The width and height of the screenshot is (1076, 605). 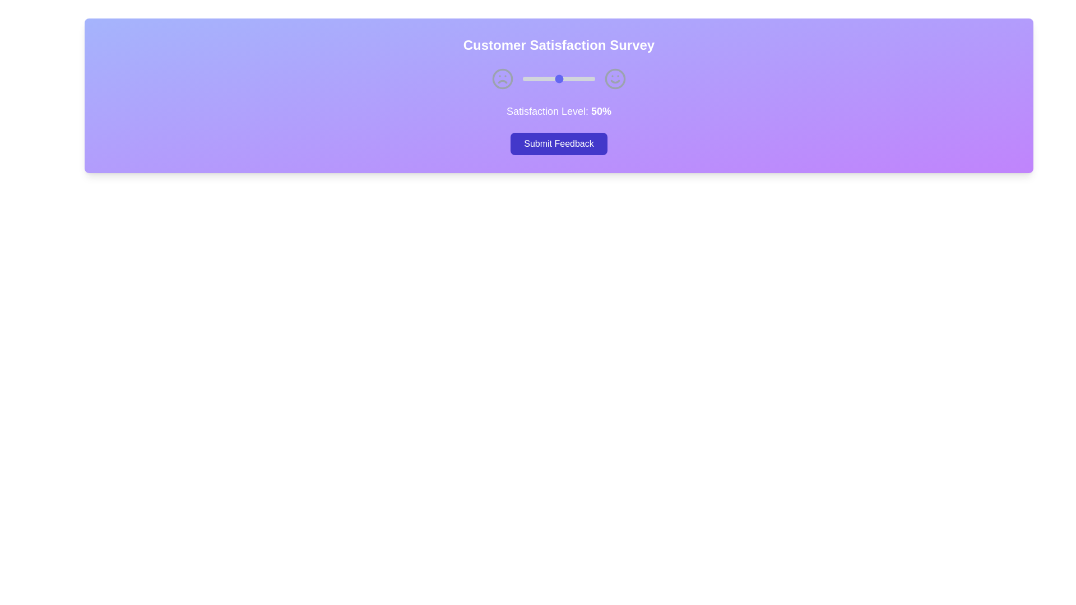 I want to click on the satisfaction slider to set the satisfaction level to 5%, so click(x=526, y=78).